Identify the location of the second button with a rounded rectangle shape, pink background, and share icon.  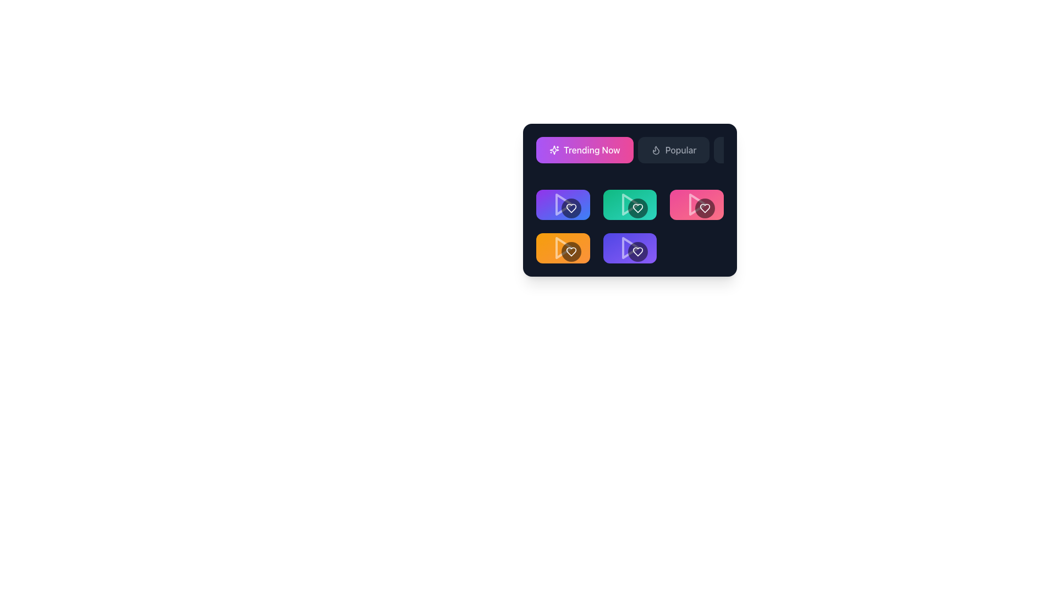
(685, 200).